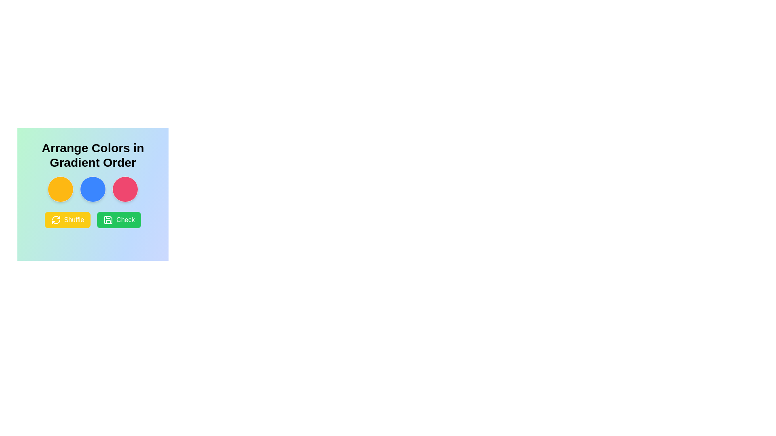  I want to click on the rightmost circular interactive element in the 'Arrange Colors in Gradient Order' interface, so click(125, 189).